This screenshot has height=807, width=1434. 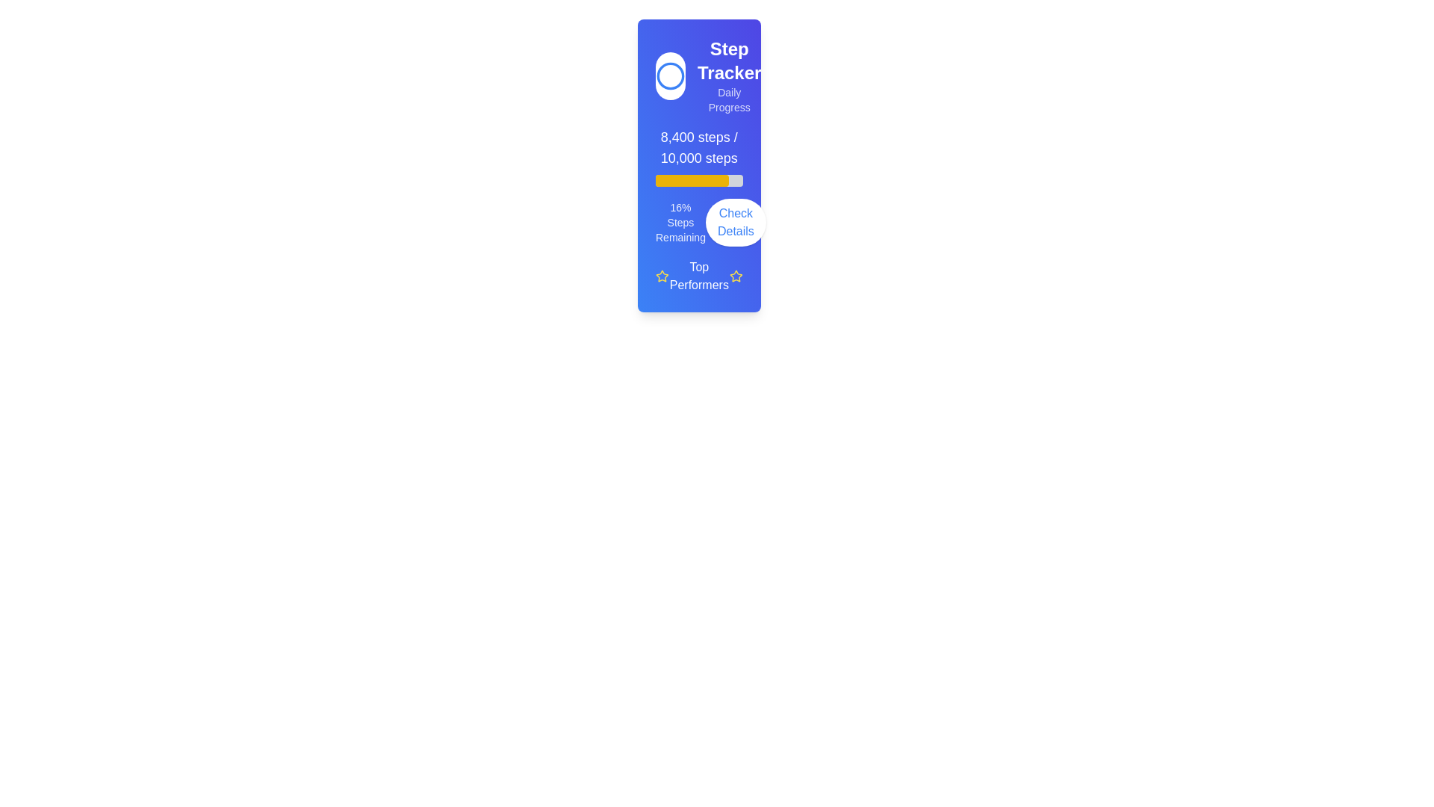 What do you see at coordinates (669, 75) in the screenshot?
I see `the leftmost circular icon in the 'Step Tracker' header component, located above the 'Step Tracker' text` at bounding box center [669, 75].